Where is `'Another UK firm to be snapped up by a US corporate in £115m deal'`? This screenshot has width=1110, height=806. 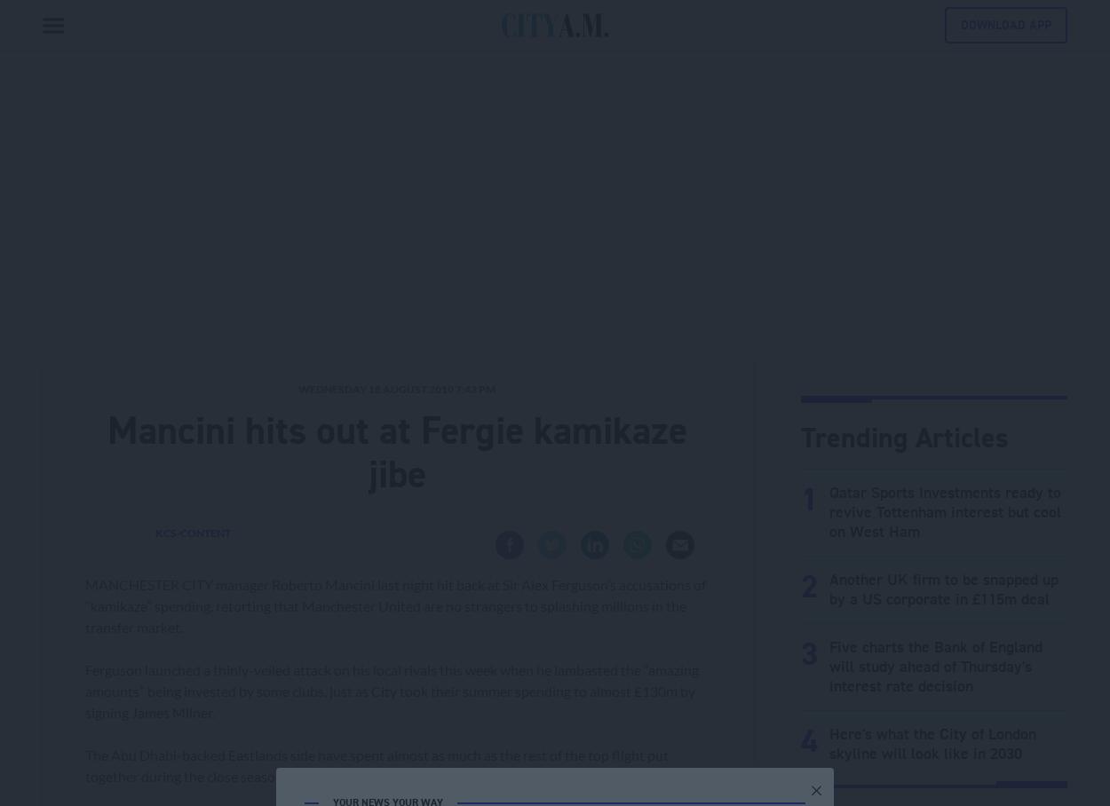 'Another UK firm to be snapped up by a US corporate in £115m deal' is located at coordinates (943, 589).